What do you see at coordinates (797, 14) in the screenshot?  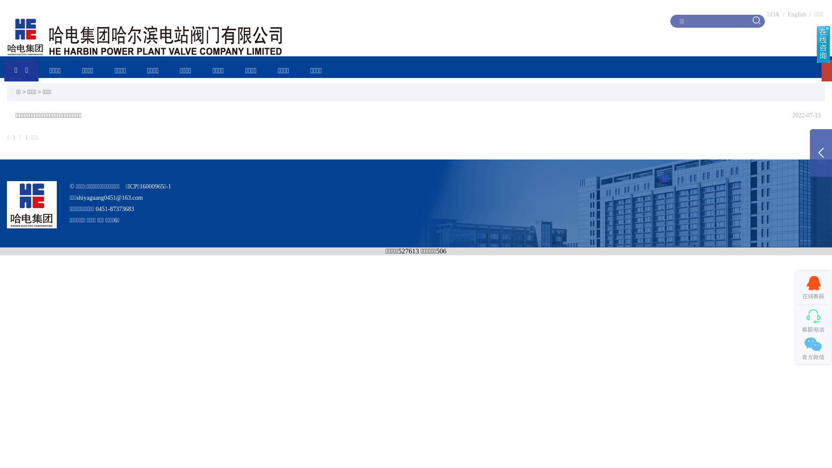 I see `'English'` at bounding box center [797, 14].